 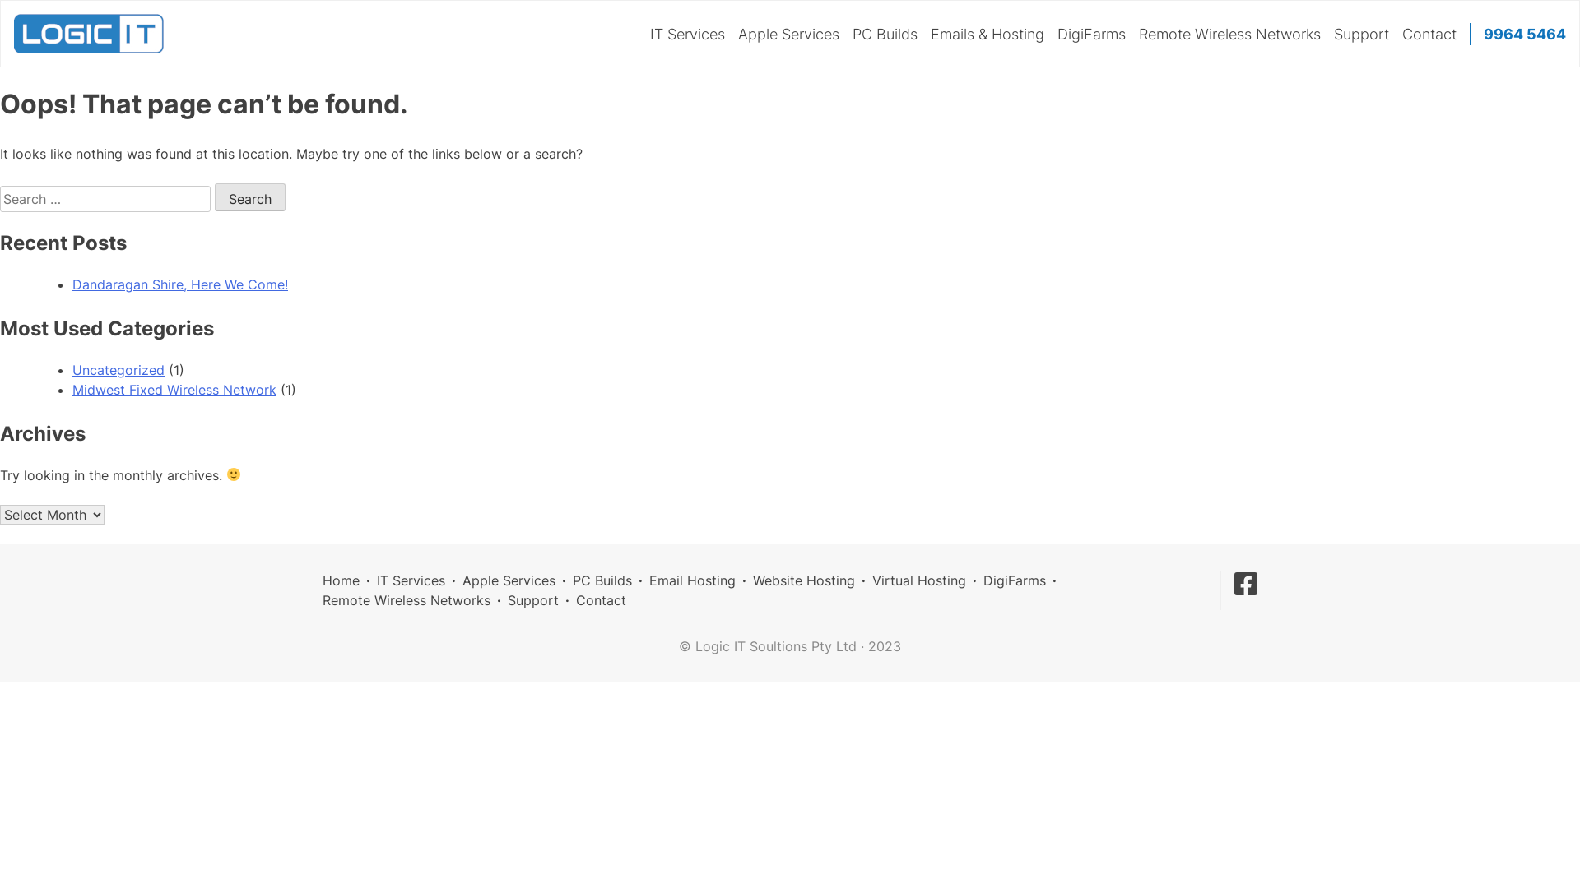 I want to click on 'Home', so click(x=340, y=579).